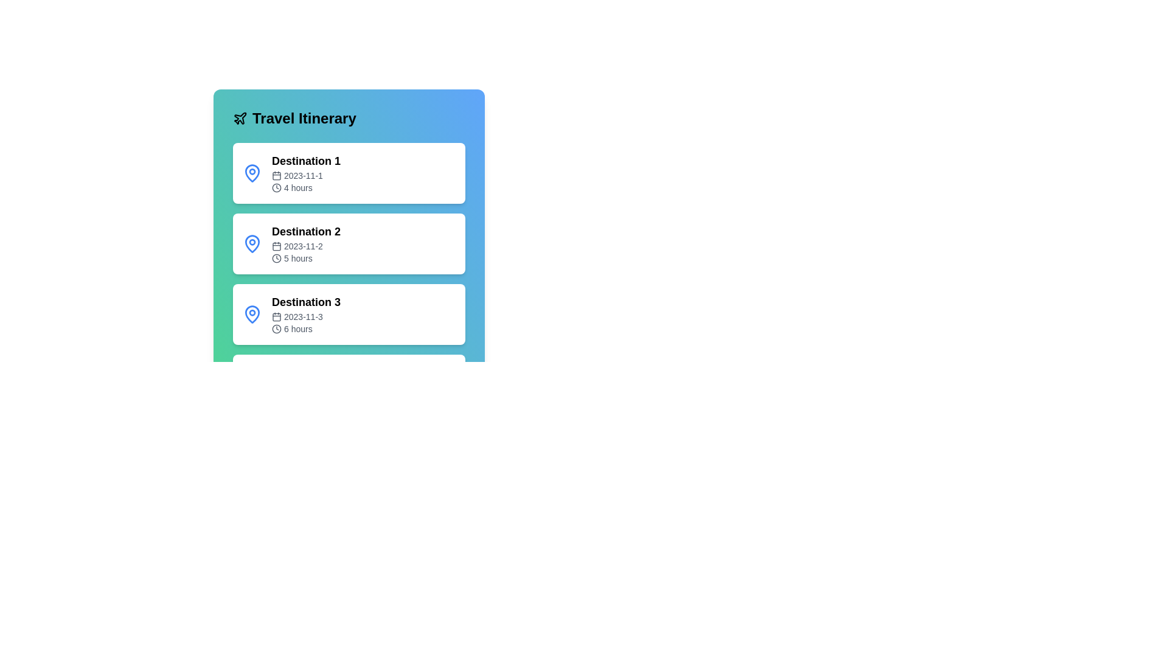 This screenshot has height=657, width=1168. I want to click on the airplane icon graphic (SVG) located near the top-left corner of the content area, adjacent to the 'Travel Itinerary' title text, so click(240, 118).